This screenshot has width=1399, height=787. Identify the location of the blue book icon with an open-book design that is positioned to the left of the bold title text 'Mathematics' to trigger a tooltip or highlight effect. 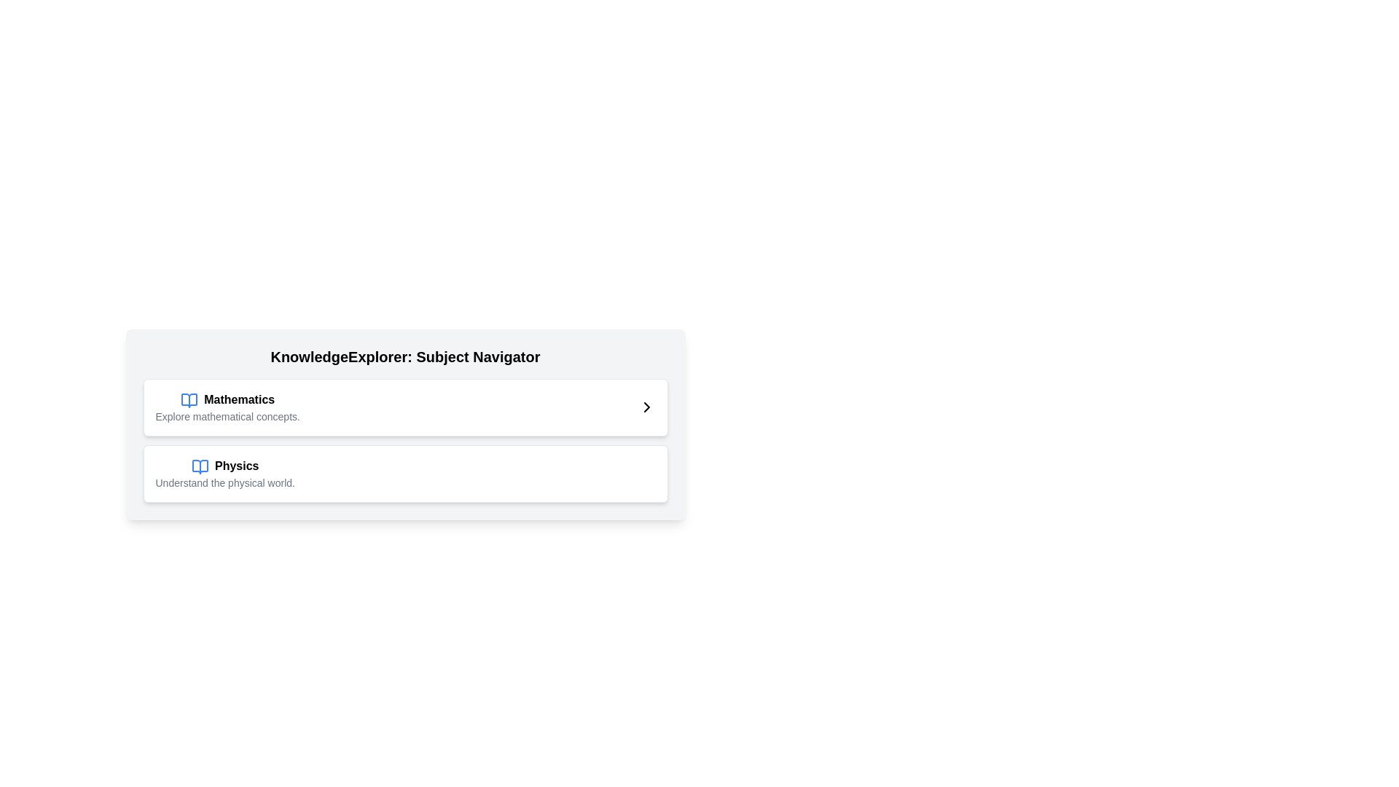
(189, 400).